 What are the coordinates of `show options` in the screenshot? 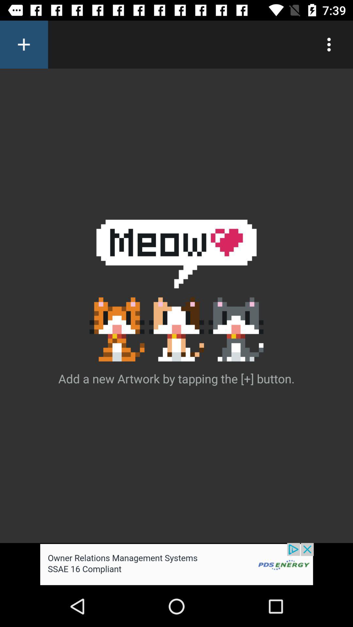 It's located at (329, 44).